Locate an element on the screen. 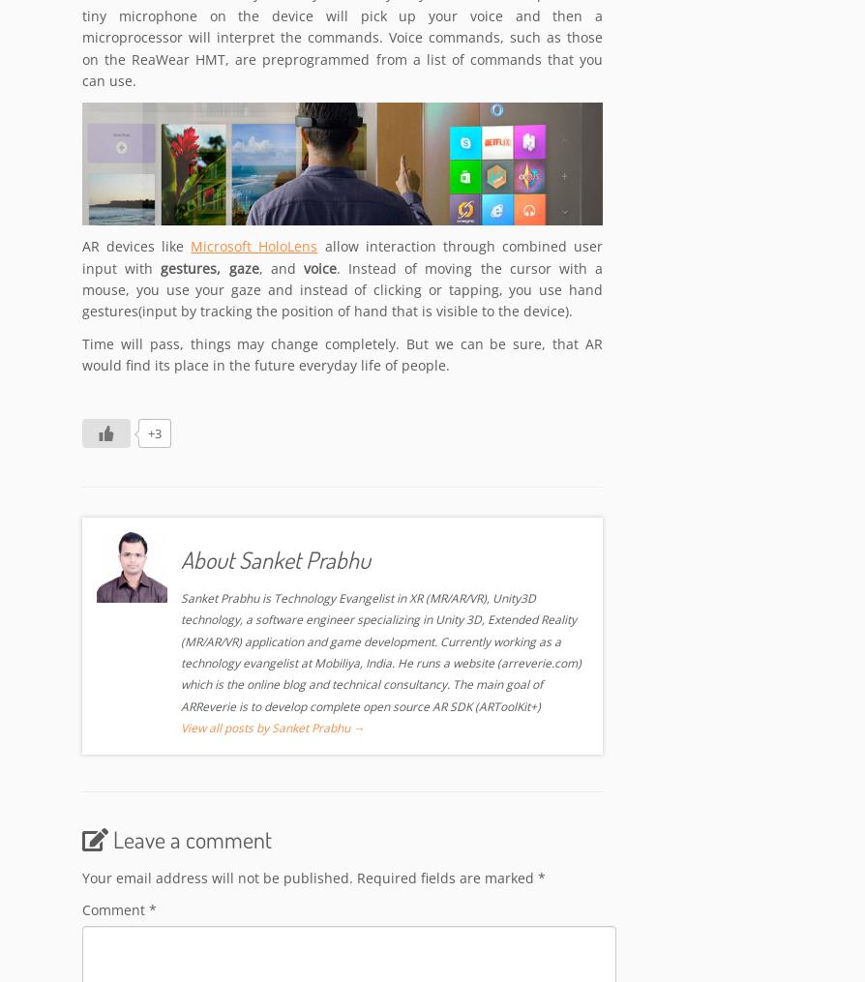  ', and' is located at coordinates (280, 269).